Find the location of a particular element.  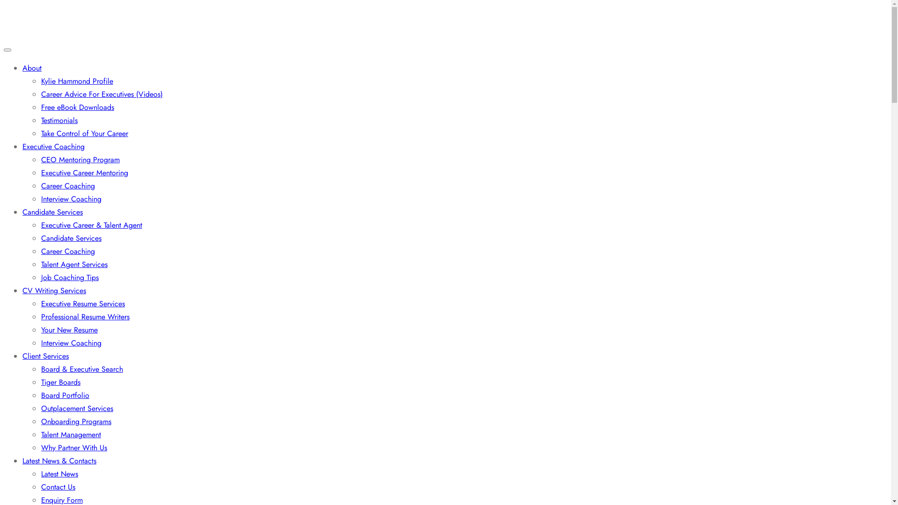

'Professional Resume Writers' is located at coordinates (85, 316).